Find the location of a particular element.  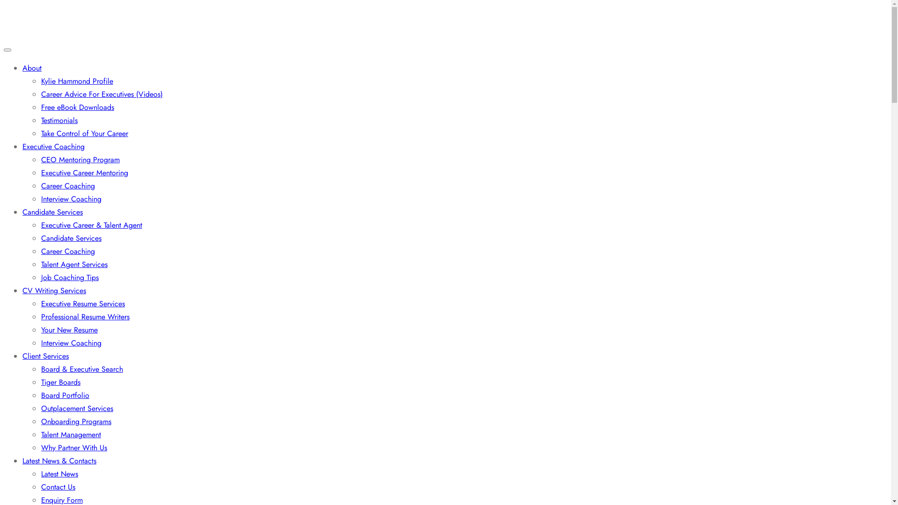

'Professional Resume Writers' is located at coordinates (85, 316).